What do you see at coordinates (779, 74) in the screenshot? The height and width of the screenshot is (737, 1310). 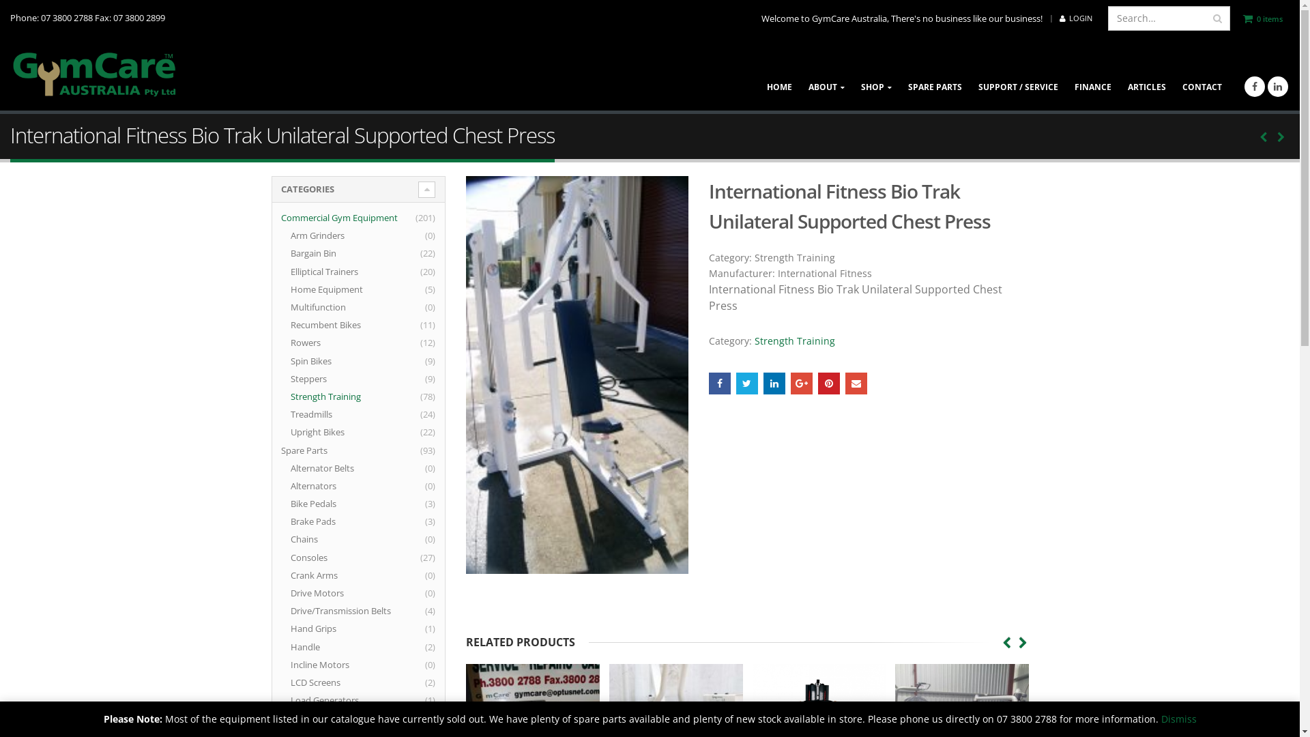 I see `'HOME'` at bounding box center [779, 74].